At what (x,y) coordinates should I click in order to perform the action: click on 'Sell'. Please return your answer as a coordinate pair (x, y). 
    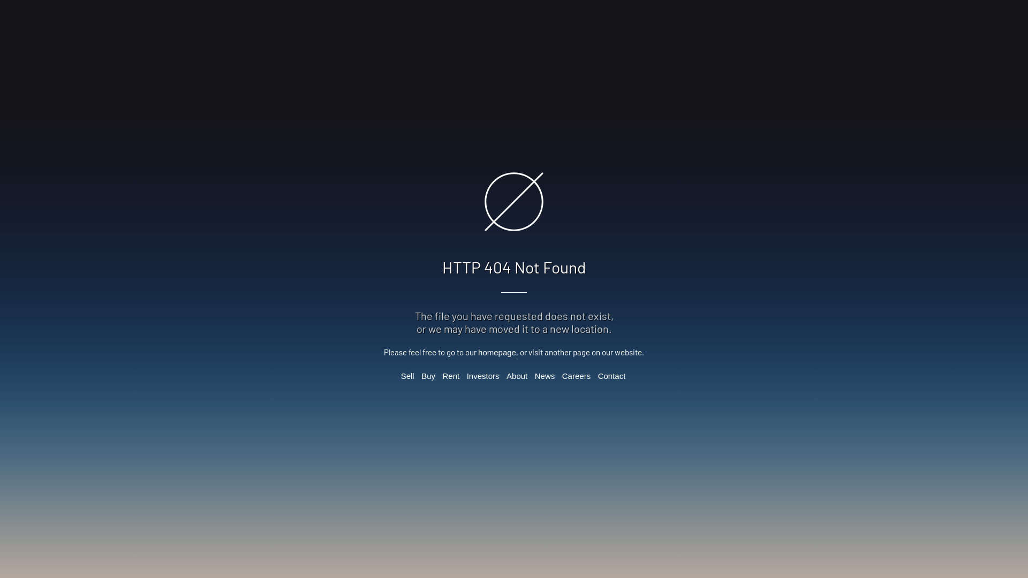
    Looking at the image, I should click on (407, 375).